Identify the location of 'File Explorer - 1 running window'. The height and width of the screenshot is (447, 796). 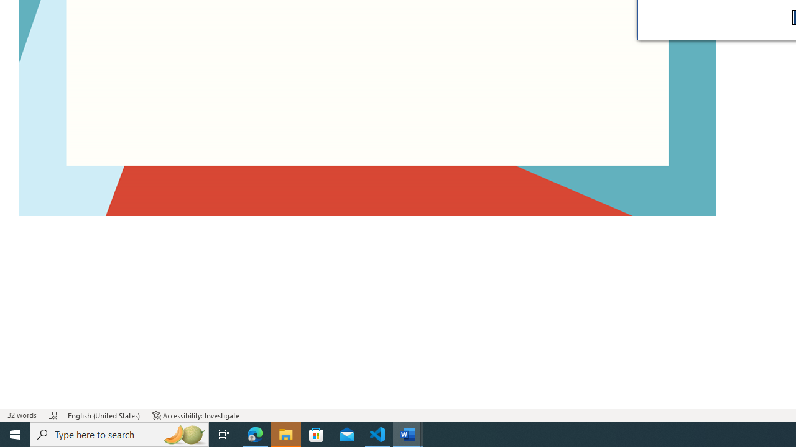
(285, 433).